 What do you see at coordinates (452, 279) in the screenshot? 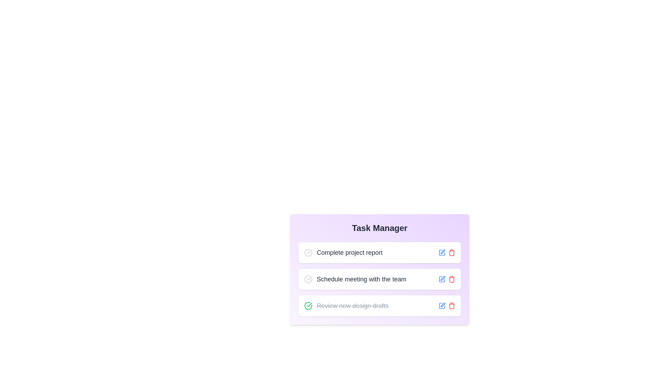
I see `delete button for the task 'Schedule meeting with the team'` at bounding box center [452, 279].